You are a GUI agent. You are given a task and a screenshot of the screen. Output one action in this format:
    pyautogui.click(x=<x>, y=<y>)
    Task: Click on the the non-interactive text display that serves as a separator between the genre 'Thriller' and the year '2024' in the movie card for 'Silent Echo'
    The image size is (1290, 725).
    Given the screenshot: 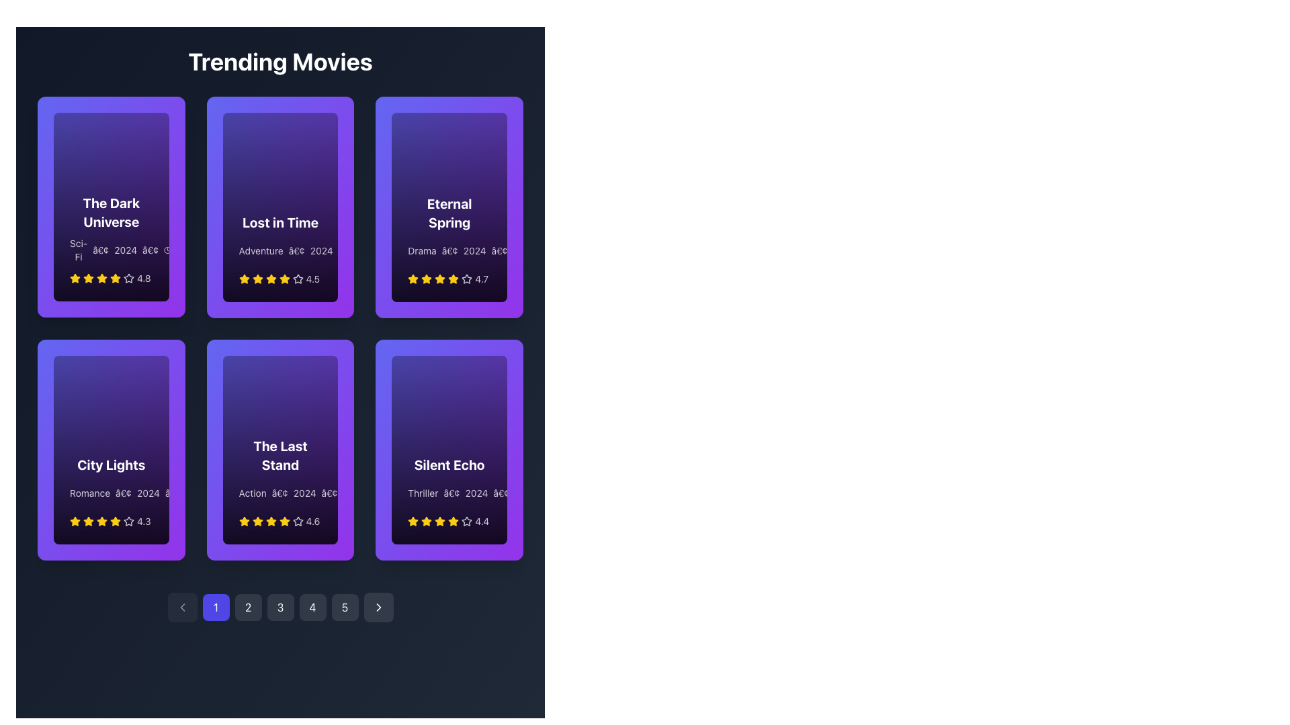 What is the action you would take?
    pyautogui.click(x=451, y=493)
    